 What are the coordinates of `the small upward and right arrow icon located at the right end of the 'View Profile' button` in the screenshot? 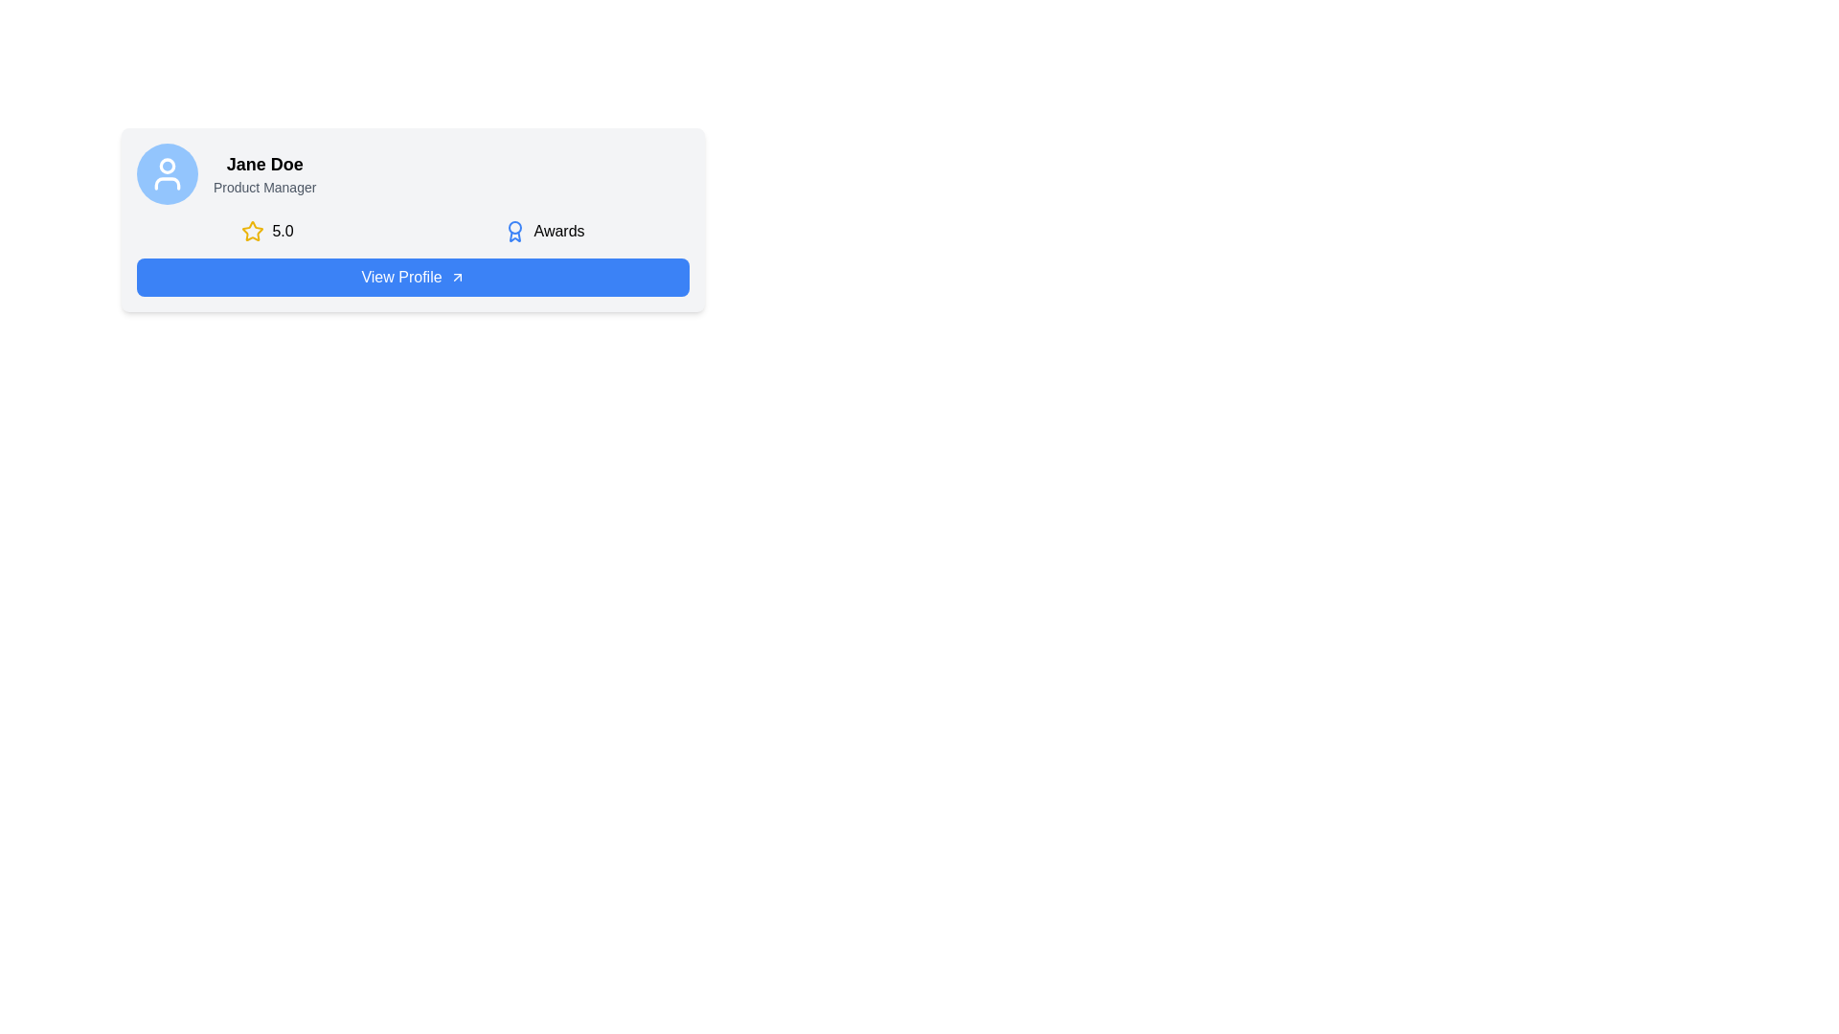 It's located at (456, 277).